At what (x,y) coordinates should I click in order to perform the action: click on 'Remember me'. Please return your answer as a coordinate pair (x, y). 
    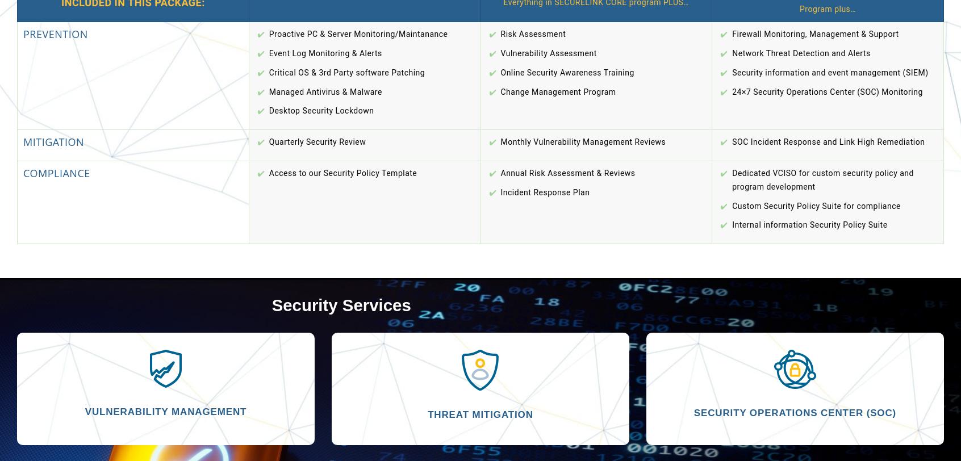
    Looking at the image, I should click on (68, 115).